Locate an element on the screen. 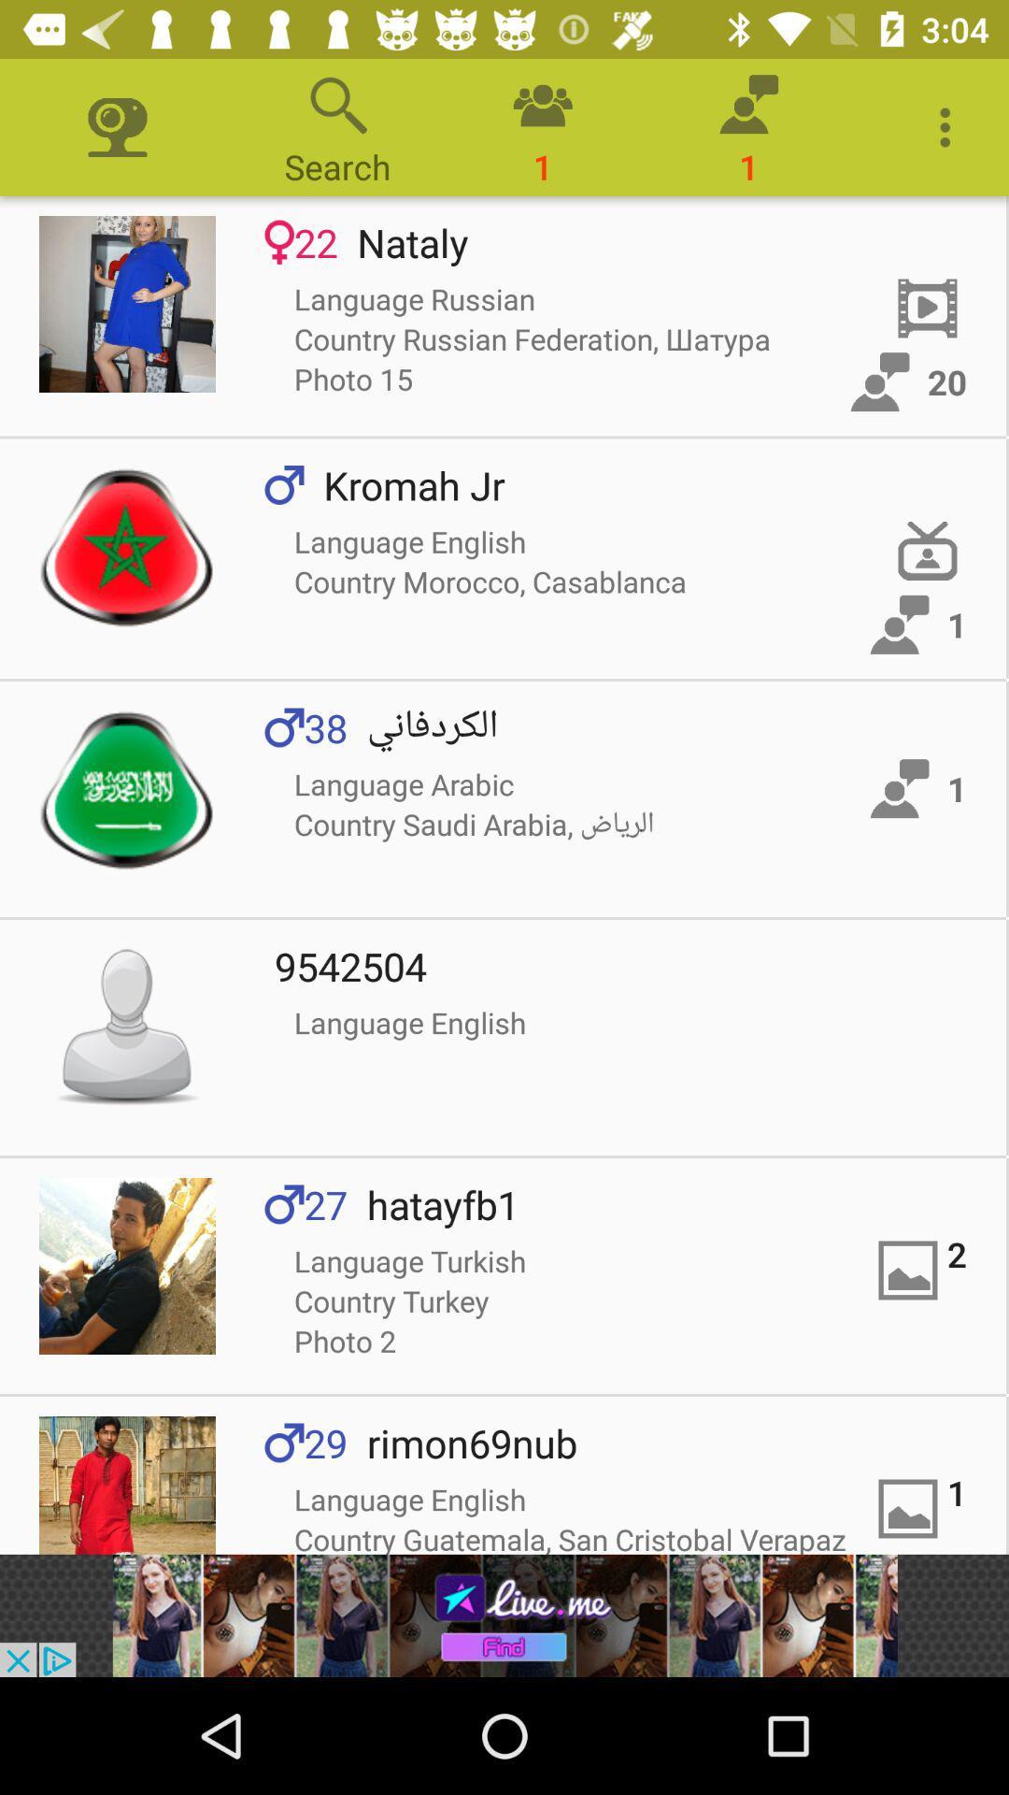 This screenshot has width=1009, height=1795. the add is located at coordinates (504, 1615).